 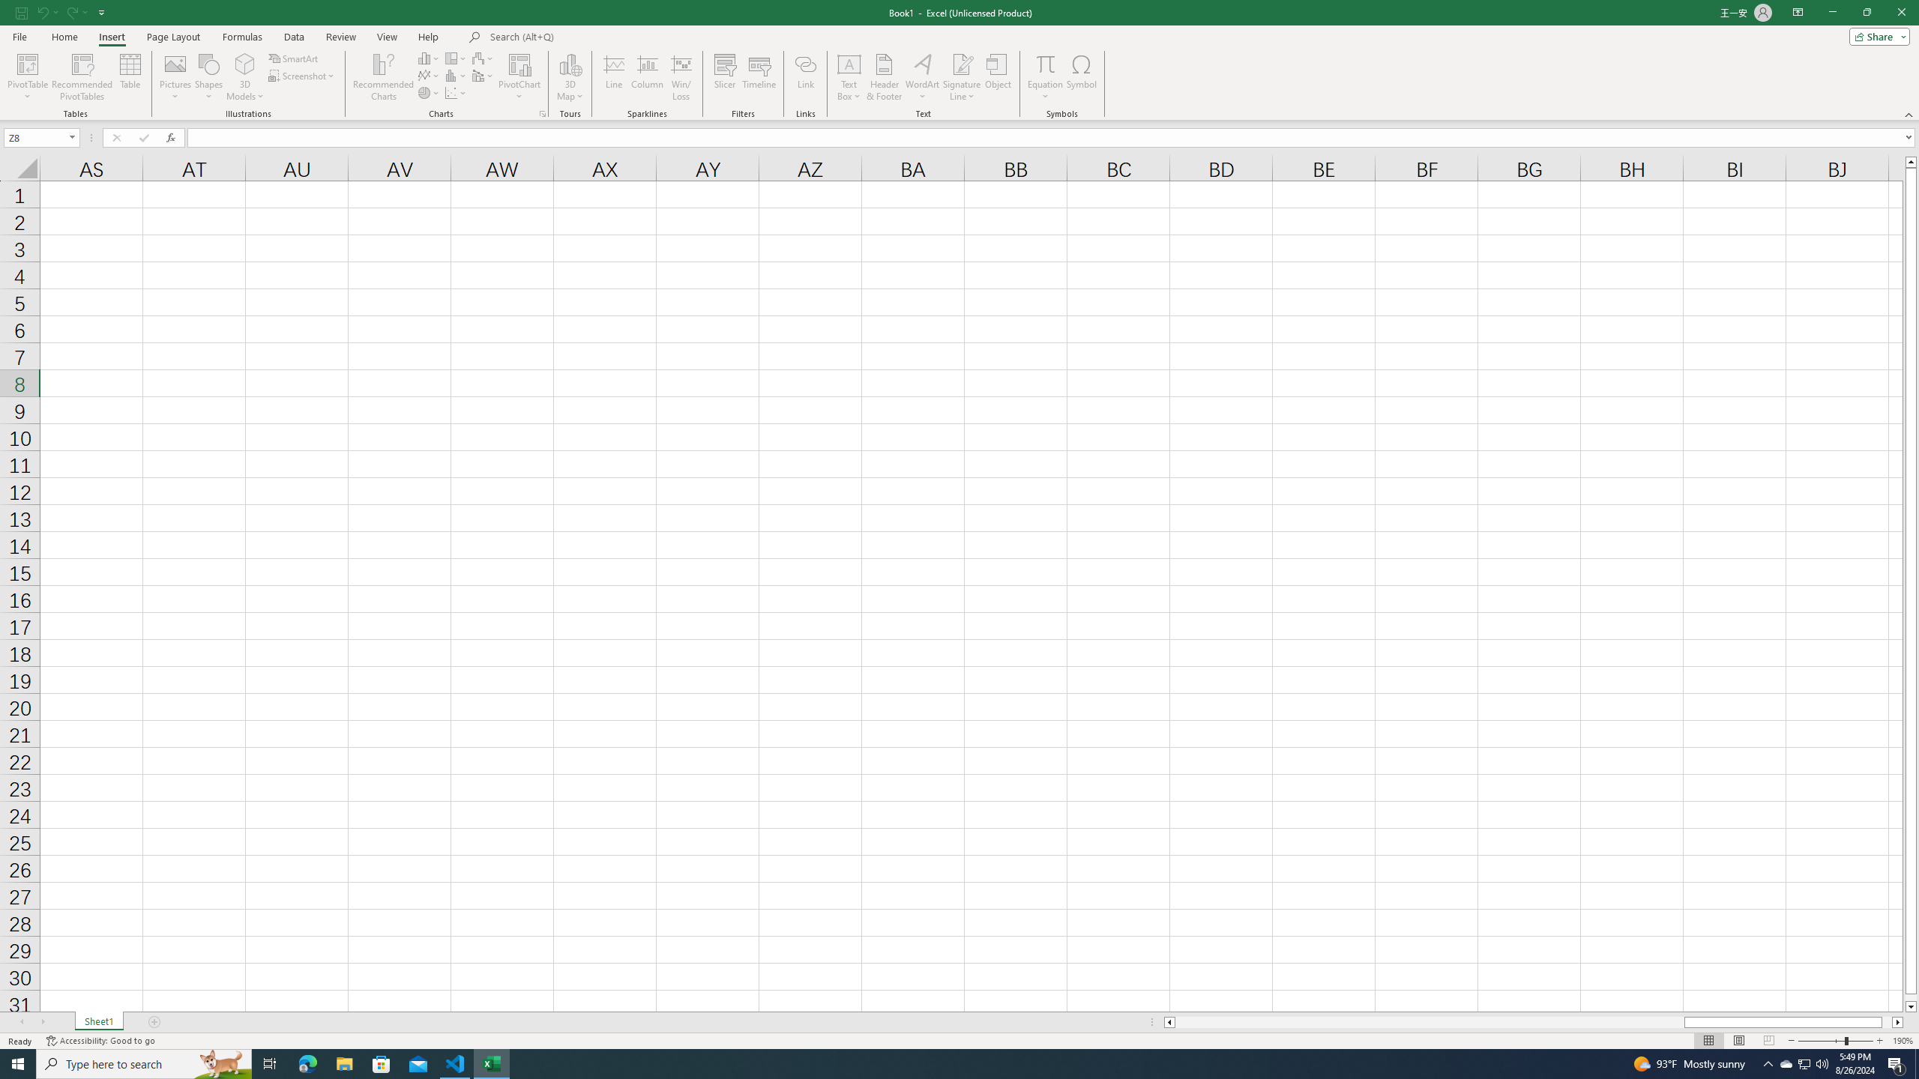 What do you see at coordinates (593, 37) in the screenshot?
I see `'Microsoft search'` at bounding box center [593, 37].